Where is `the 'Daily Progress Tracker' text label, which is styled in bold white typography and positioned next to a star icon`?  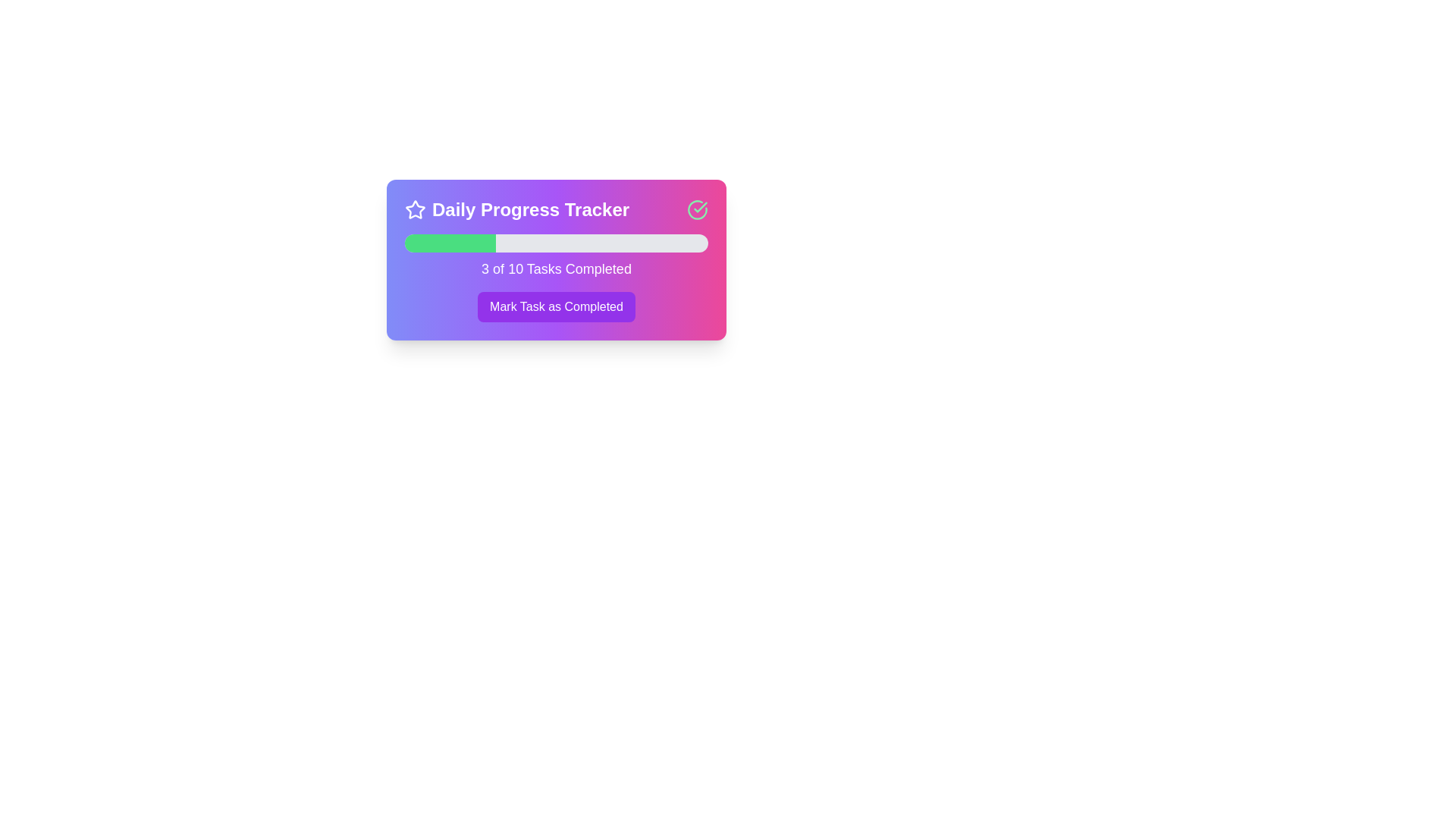 the 'Daily Progress Tracker' text label, which is styled in bold white typography and positioned next to a star icon is located at coordinates (517, 210).